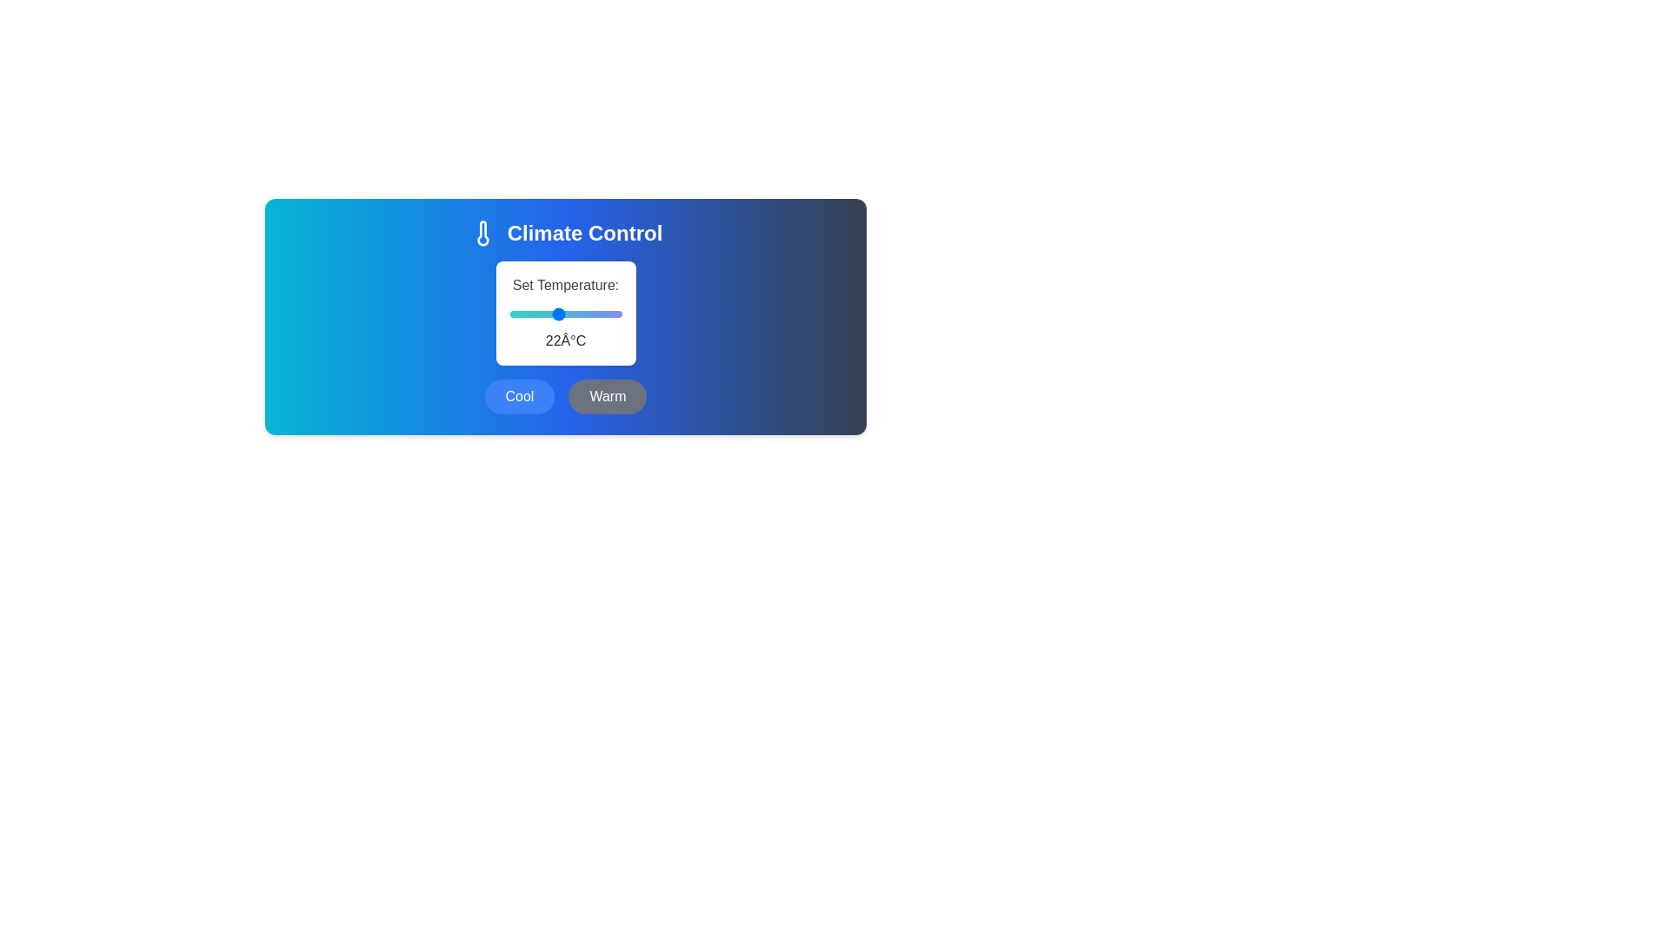 The width and height of the screenshot is (1669, 938). I want to click on the temperature measurement graphical icon component located at the top-left portion of the interface, above the text 'Climate Control', so click(482, 233).